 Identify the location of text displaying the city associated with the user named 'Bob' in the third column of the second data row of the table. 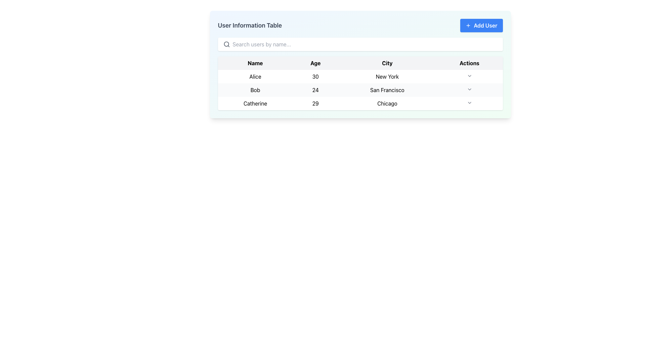
(387, 89).